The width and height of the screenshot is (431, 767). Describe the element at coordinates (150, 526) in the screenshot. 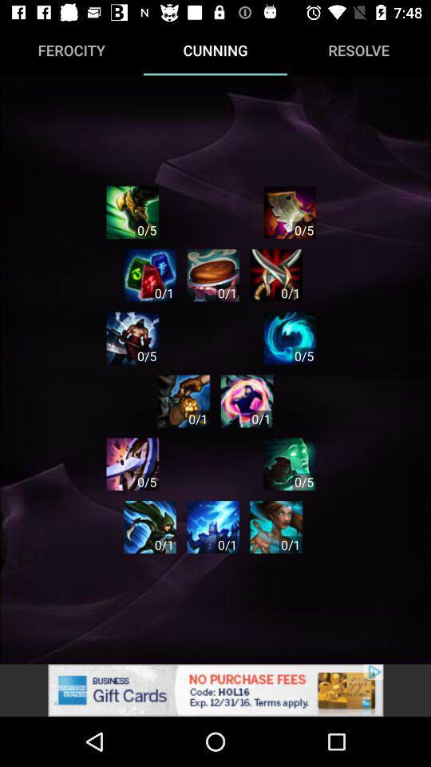

I see `for some image` at that location.